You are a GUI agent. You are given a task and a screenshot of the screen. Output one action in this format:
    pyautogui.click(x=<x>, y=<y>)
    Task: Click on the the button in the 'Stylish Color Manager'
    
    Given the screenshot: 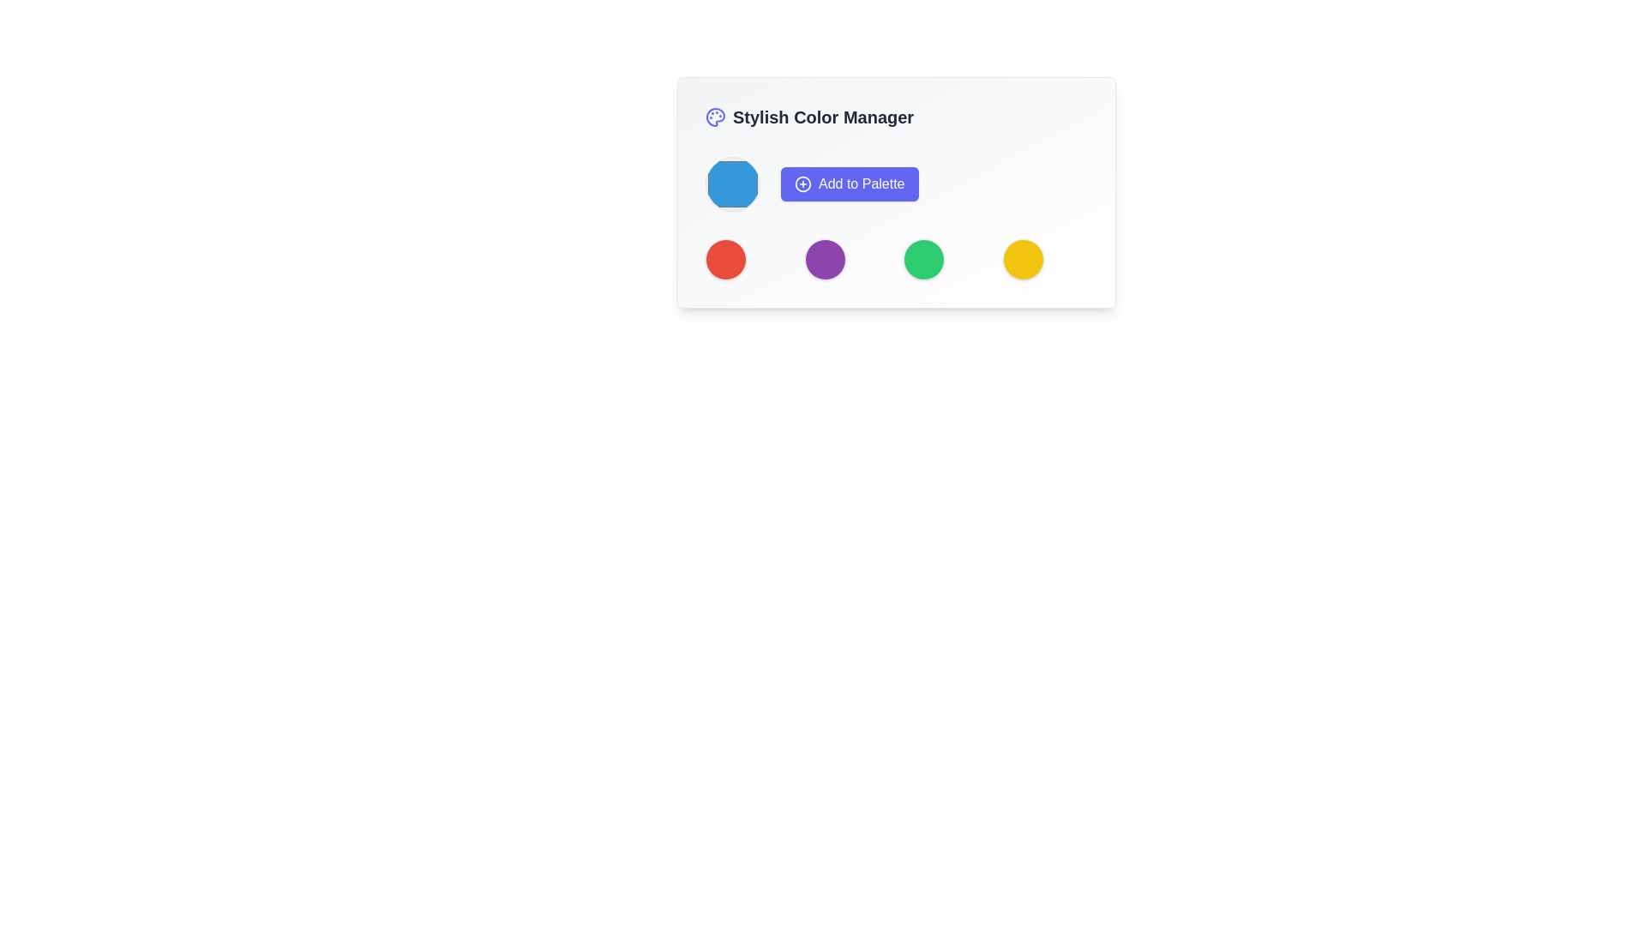 What is the action you would take?
    pyautogui.click(x=896, y=184)
    